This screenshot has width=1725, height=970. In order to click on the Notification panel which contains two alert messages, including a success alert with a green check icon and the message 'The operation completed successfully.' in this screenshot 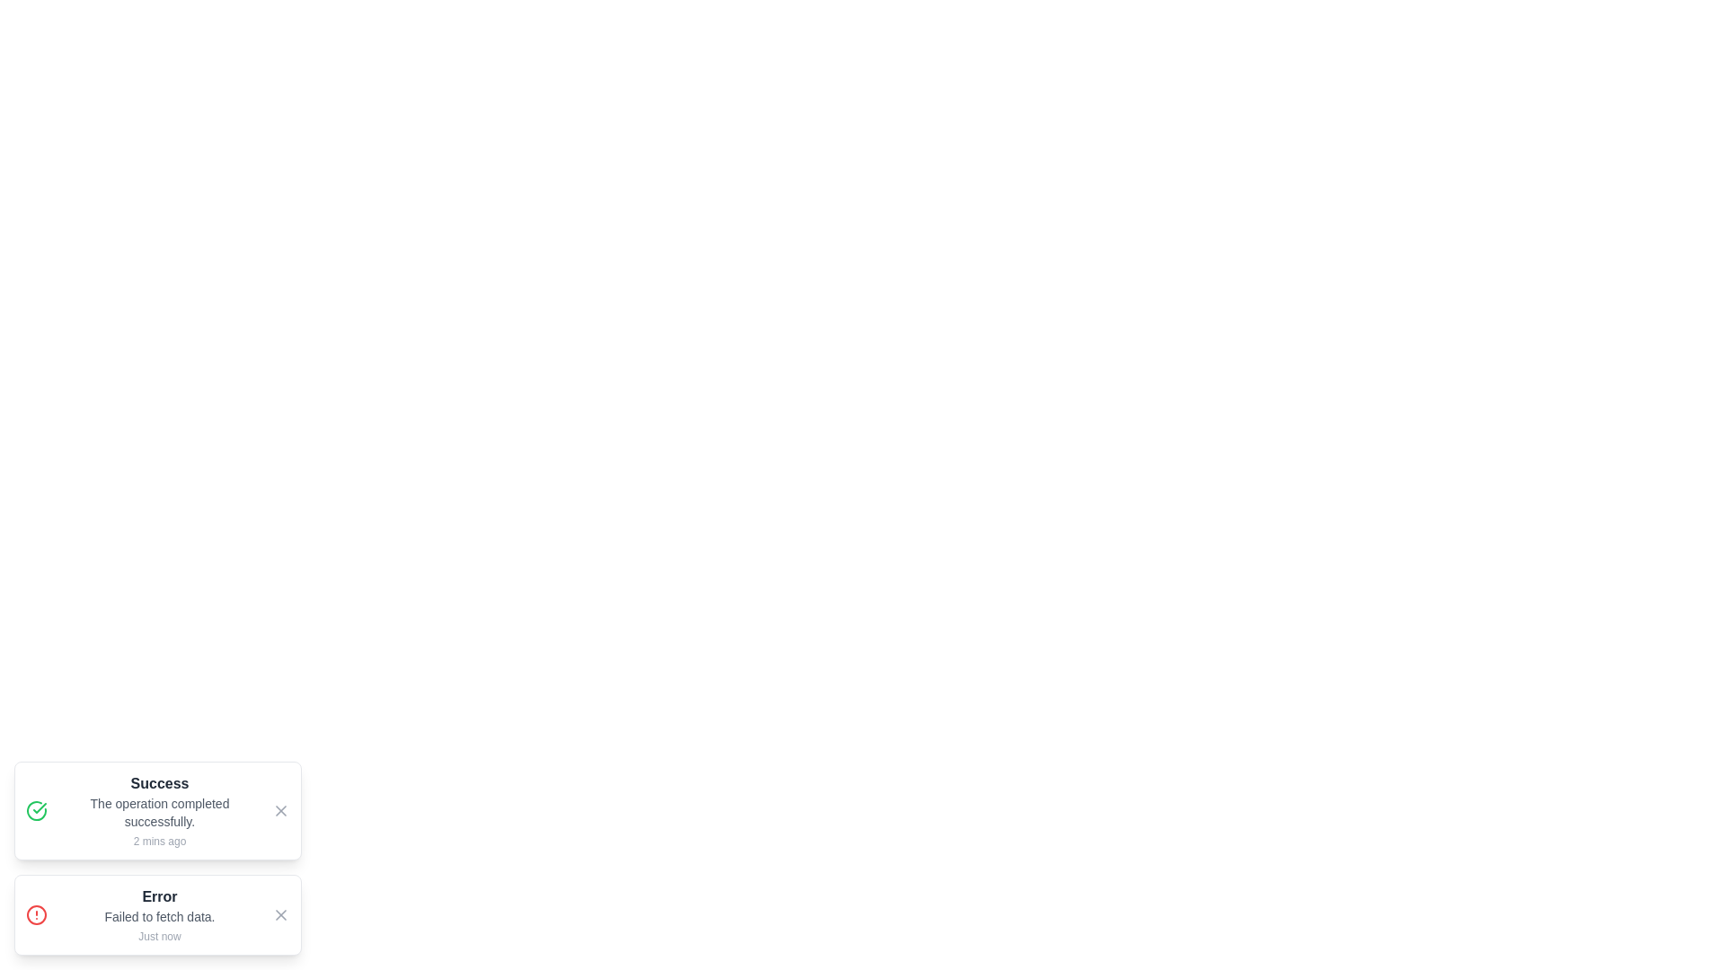, I will do `click(158, 858)`.